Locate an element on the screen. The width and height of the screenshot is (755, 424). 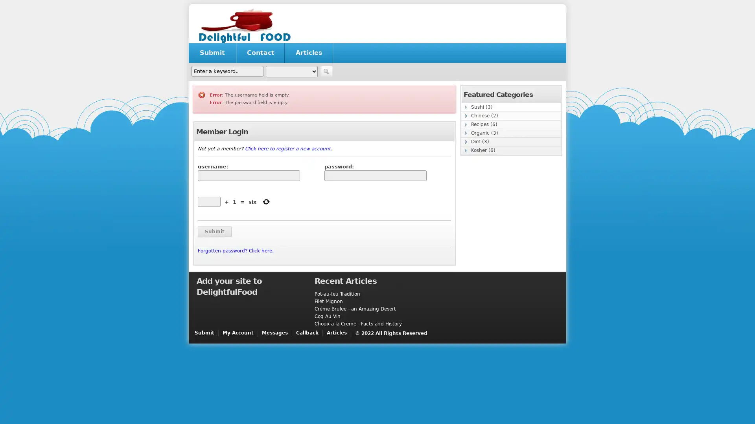
Submit is located at coordinates (215, 231).